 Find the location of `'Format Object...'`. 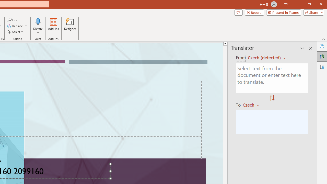

'Format Object...' is located at coordinates (3, 38).